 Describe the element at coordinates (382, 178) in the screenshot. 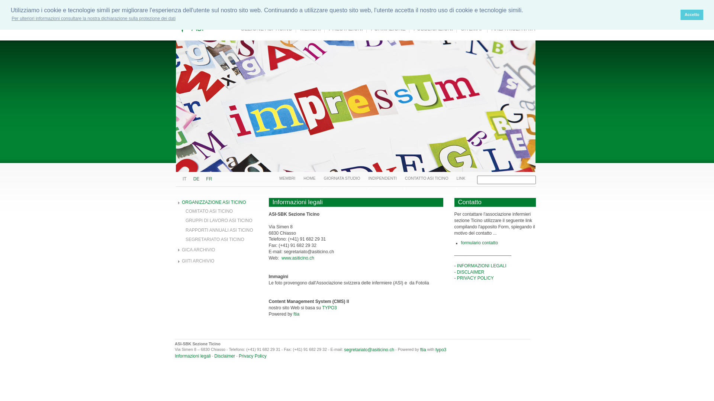

I see `'INDIPENDENTI'` at that location.